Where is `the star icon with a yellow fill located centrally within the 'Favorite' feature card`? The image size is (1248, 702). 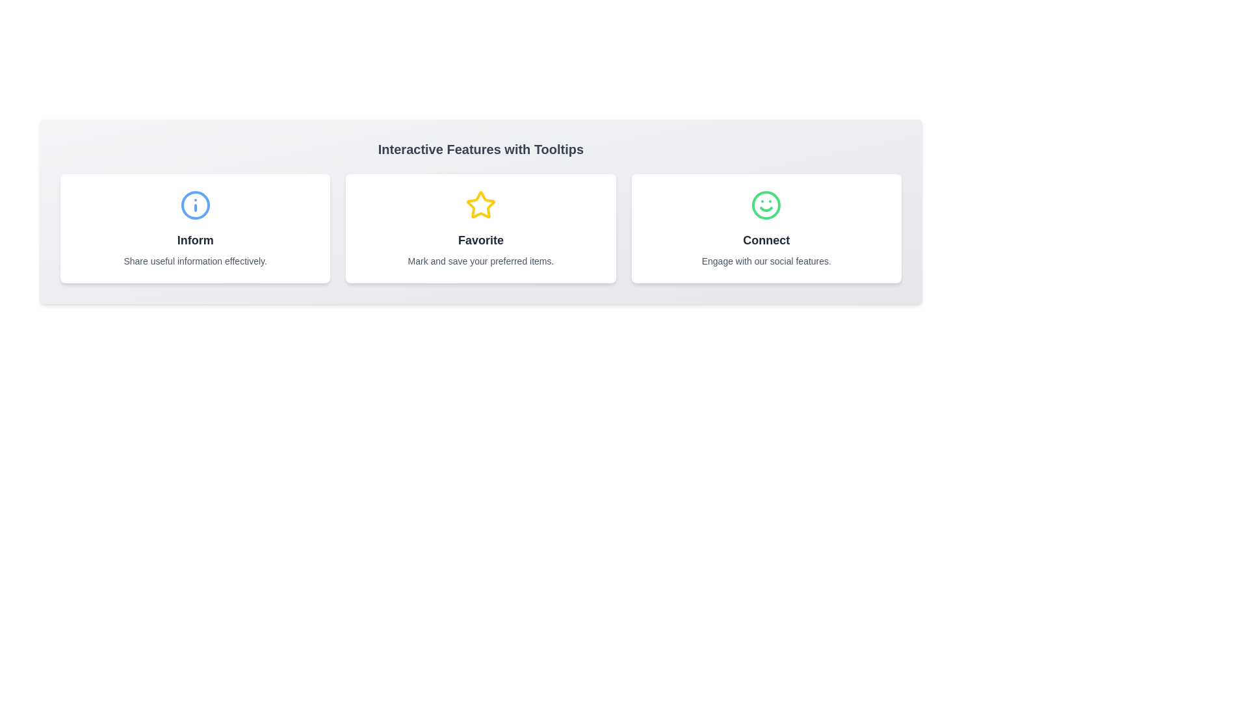 the star icon with a yellow fill located centrally within the 'Favorite' feature card is located at coordinates (480, 205).